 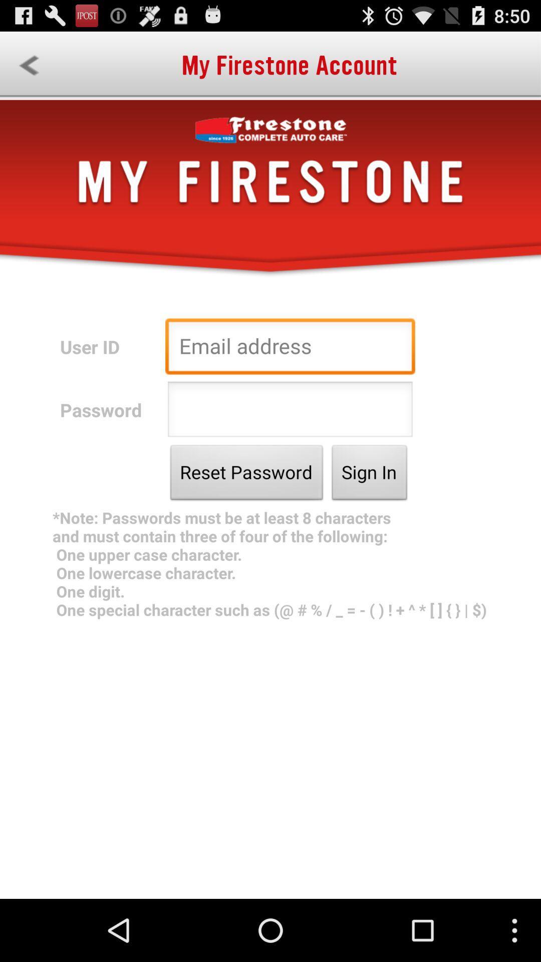 What do you see at coordinates (28, 70) in the screenshot?
I see `the arrow_backward icon` at bounding box center [28, 70].